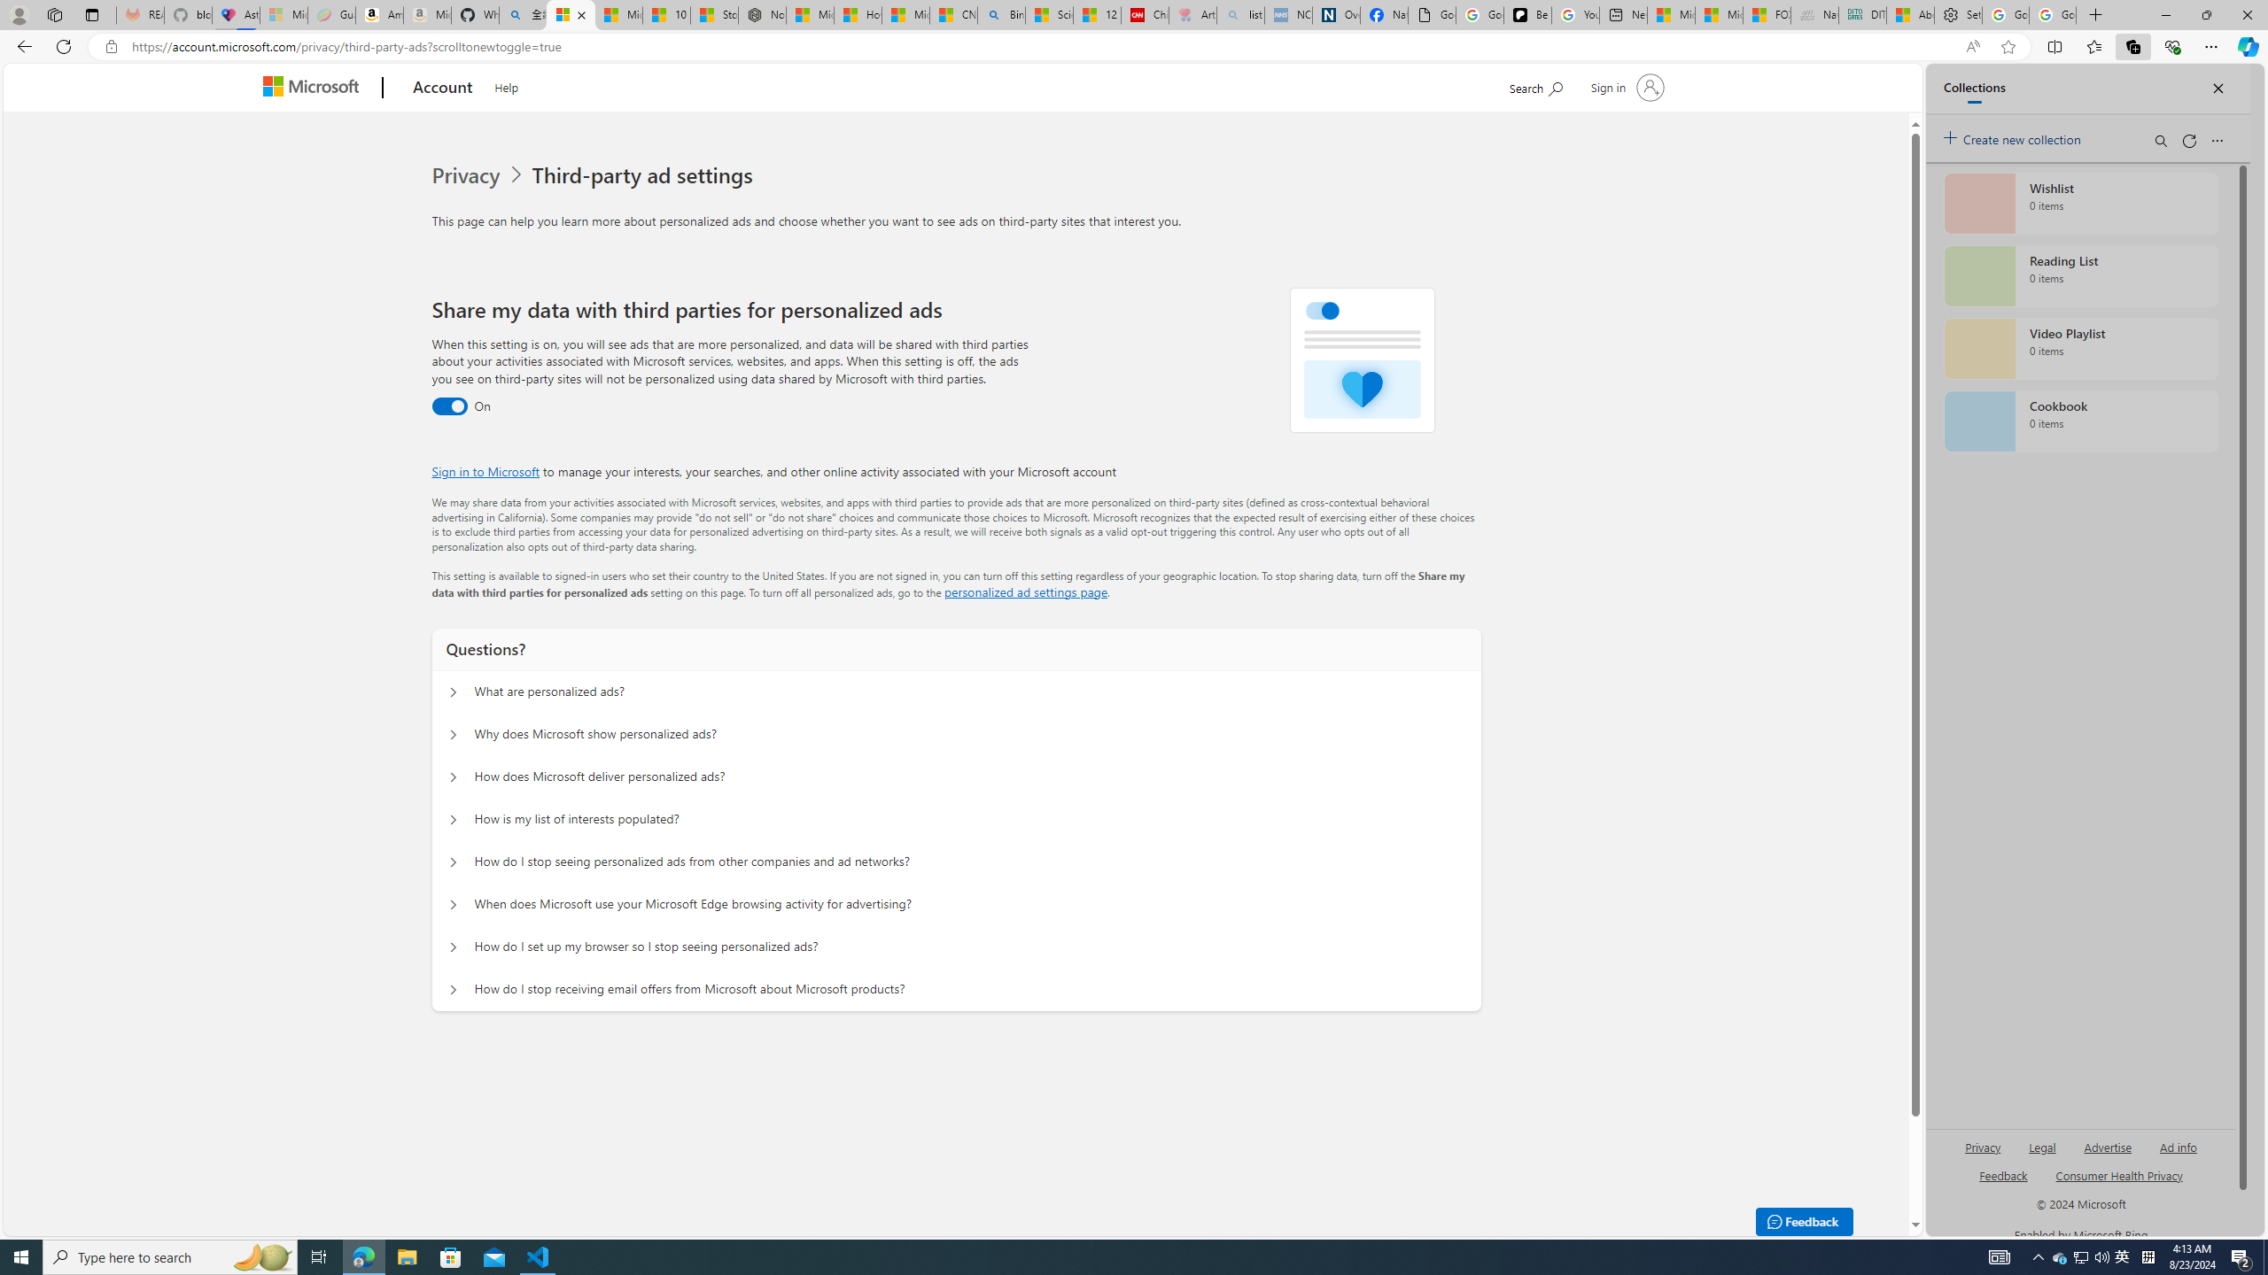 The width and height of the screenshot is (2268, 1275). Describe the element at coordinates (451, 735) in the screenshot. I see `'Questions? Why does Microsoft show personalized ads?'` at that location.